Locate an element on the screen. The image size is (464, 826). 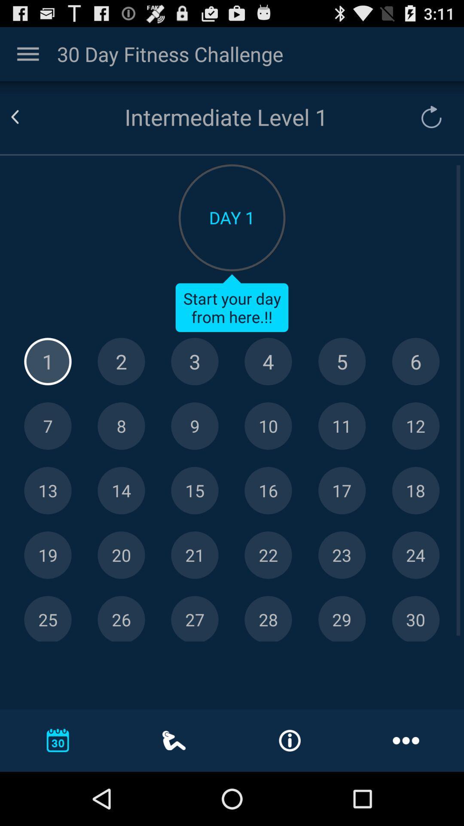
the microphone icon is located at coordinates (121, 455).